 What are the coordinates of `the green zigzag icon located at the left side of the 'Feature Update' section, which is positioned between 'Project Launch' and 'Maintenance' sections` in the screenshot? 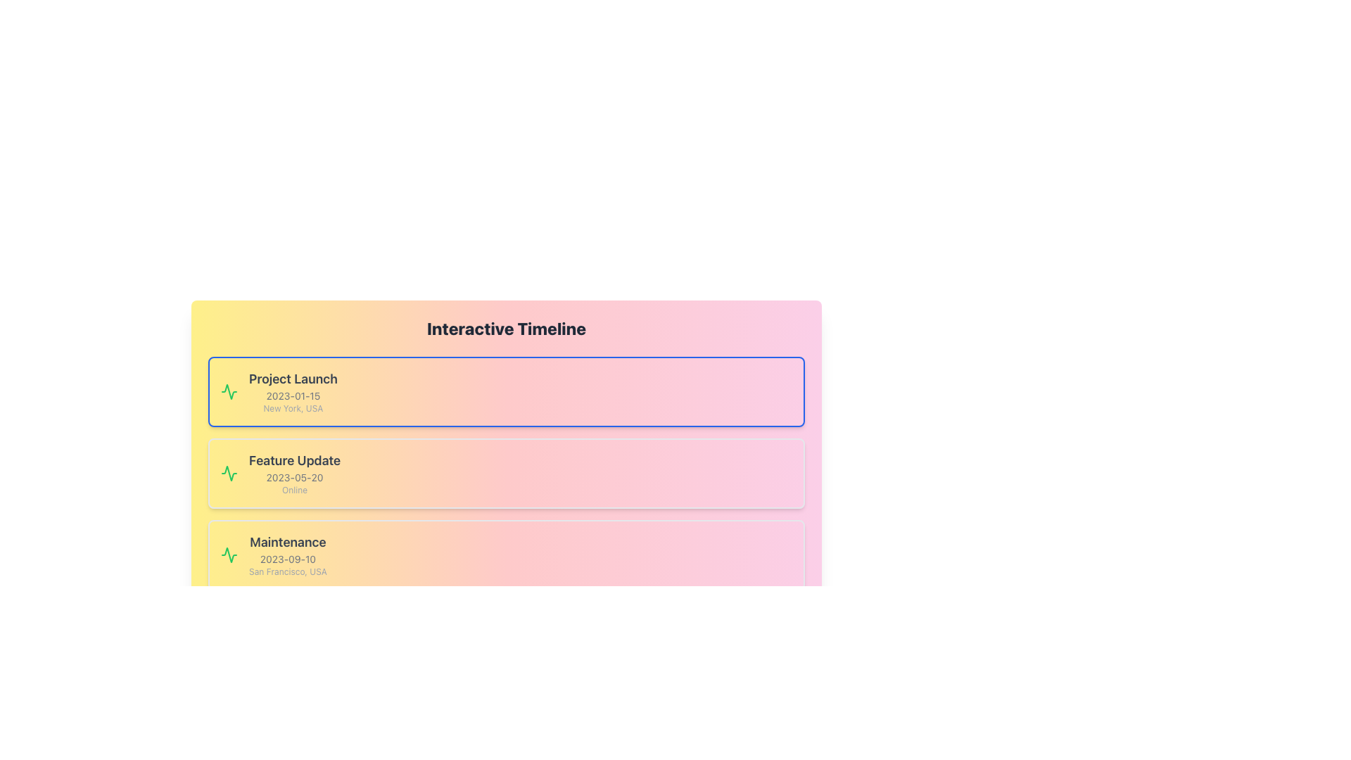 It's located at (229, 391).